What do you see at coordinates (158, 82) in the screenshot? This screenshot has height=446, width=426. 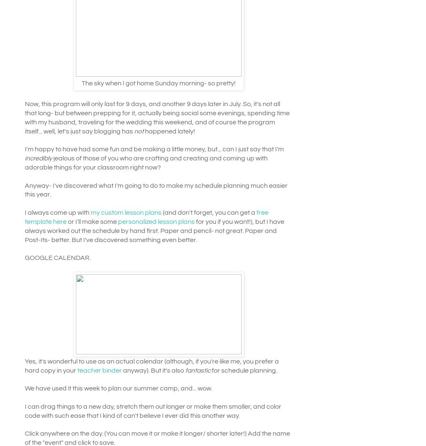 I see `'The sky when I got home Sunday morning- so pretty!'` at bounding box center [158, 82].